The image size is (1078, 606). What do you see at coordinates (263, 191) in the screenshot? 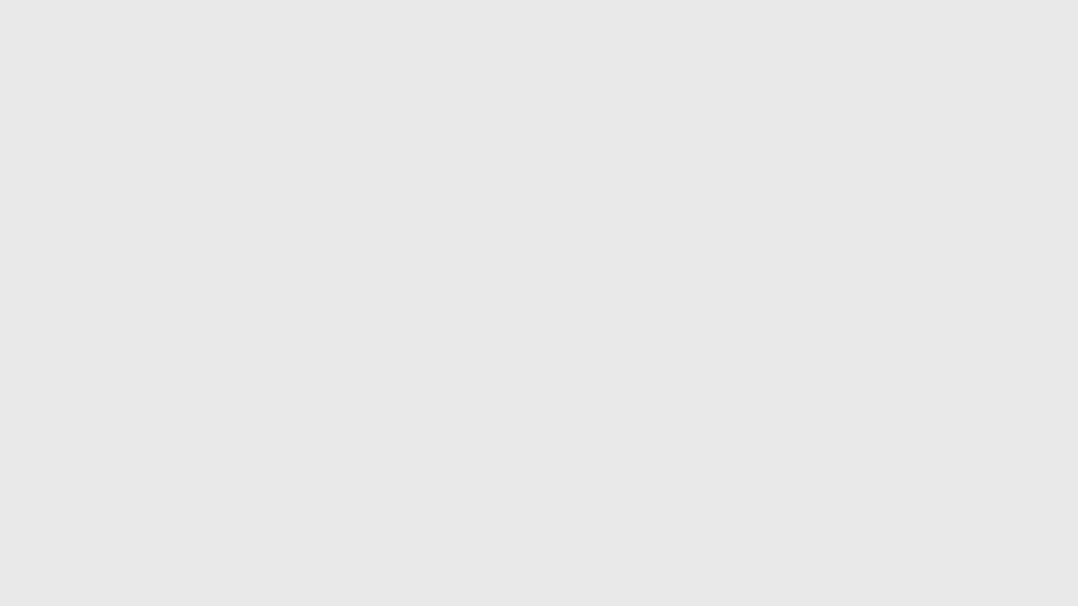
I see `Links` at bounding box center [263, 191].